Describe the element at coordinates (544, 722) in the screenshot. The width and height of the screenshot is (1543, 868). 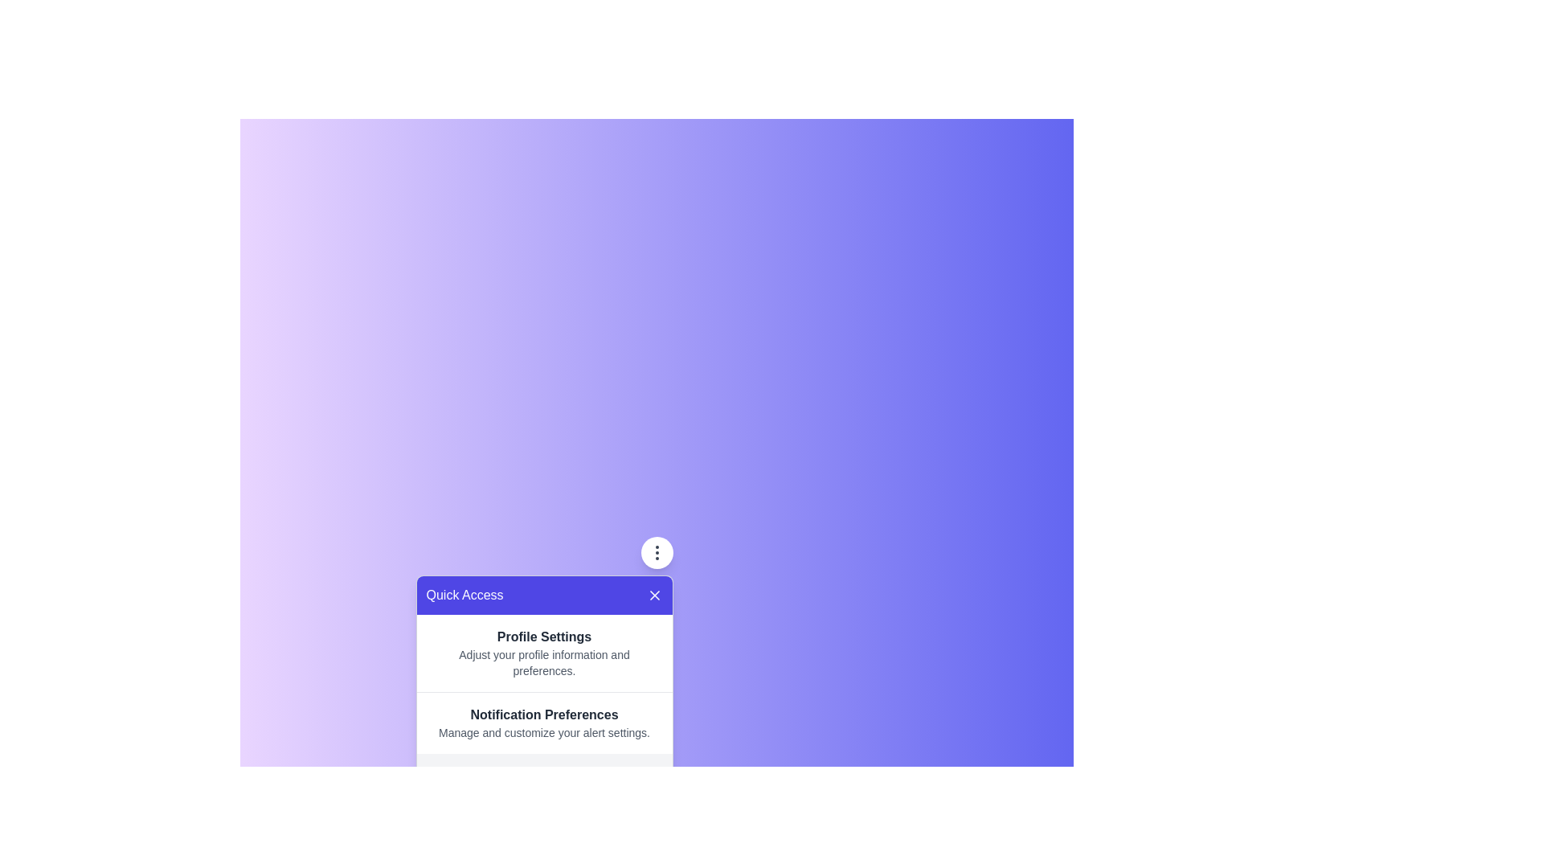
I see `the 'Notification Preferences' informational text grouping, which includes a bold title and a description, to trigger hover effects` at that location.